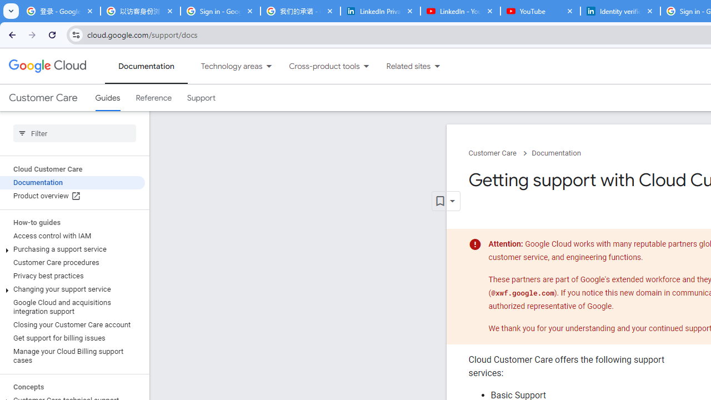 The image size is (711, 400). I want to click on 'Purchasing a support service', so click(72, 248).